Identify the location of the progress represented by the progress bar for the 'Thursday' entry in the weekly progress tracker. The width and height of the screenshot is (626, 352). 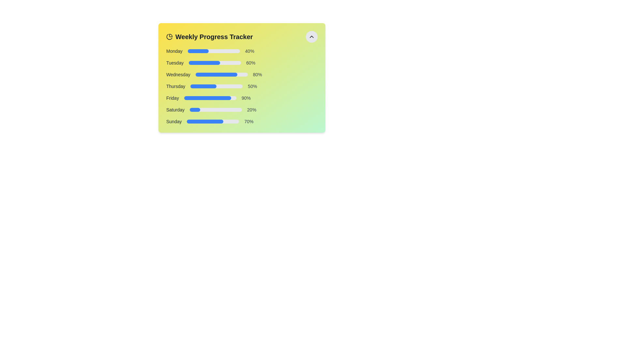
(216, 86).